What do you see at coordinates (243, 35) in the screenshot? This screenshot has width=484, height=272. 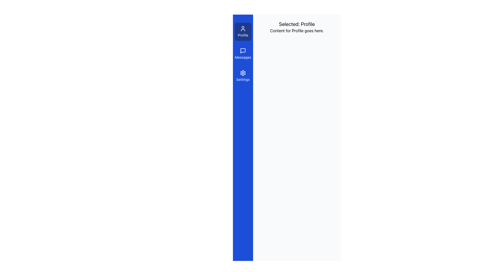 I see `text label 'Profile' located at the top of the navigation items in the left-side navigation bar, which is styled in white on a dark blue background and situated below a user silhouette icon` at bounding box center [243, 35].